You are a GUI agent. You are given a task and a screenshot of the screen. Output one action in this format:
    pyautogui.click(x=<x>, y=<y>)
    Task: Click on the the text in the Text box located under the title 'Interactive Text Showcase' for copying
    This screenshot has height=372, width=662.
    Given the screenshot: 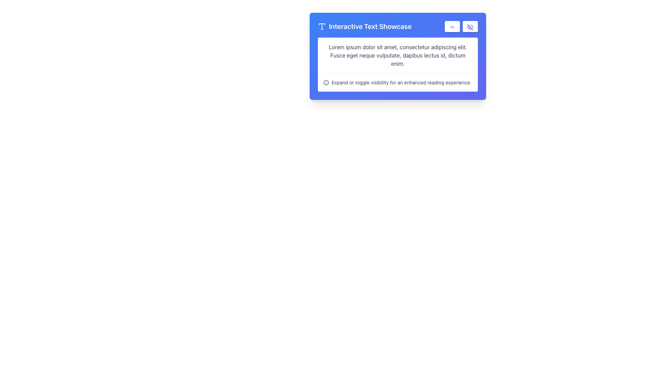 What is the action you would take?
    pyautogui.click(x=398, y=64)
    